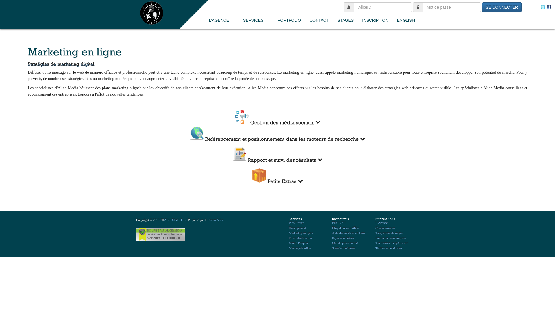 This screenshot has height=312, width=555. I want to click on 'Formation en entreprise', so click(375, 238).